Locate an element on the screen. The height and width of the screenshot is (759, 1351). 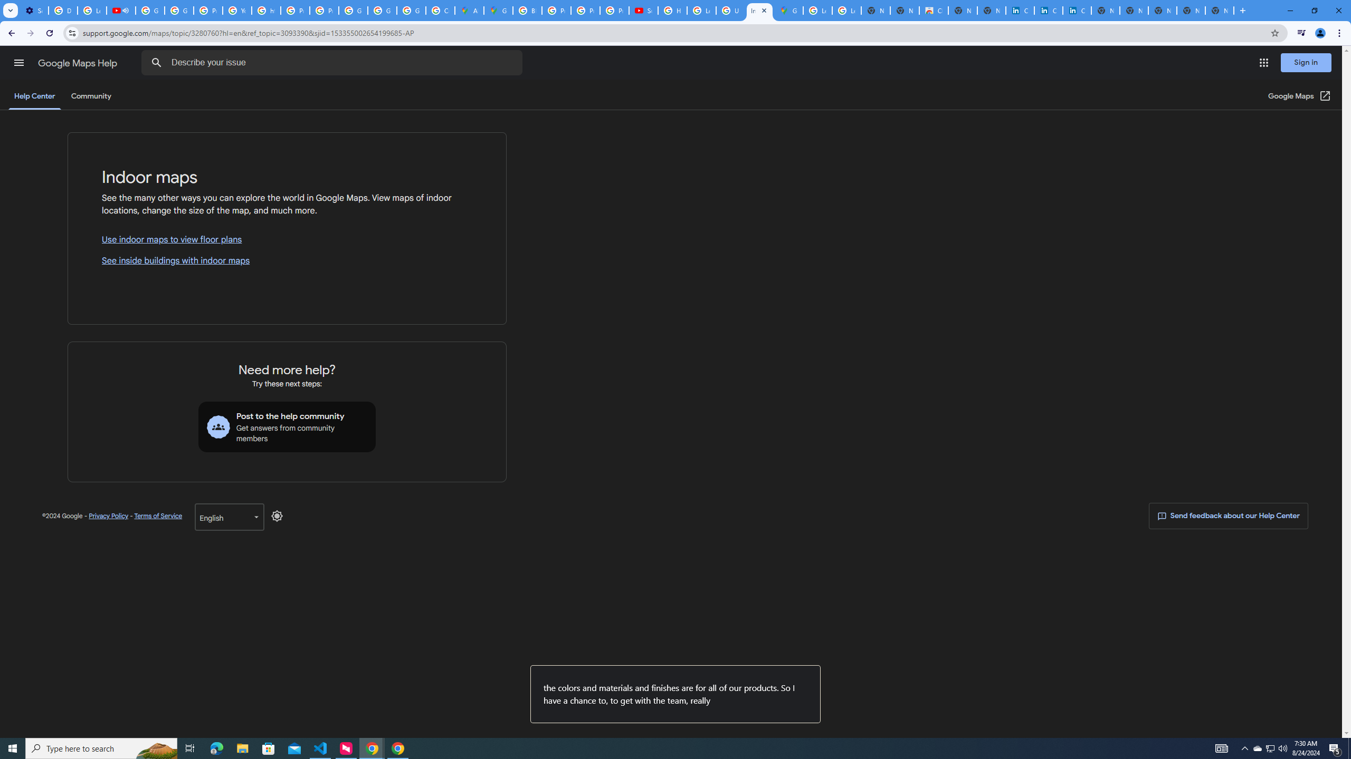
'Disable Dark Mode' is located at coordinates (277, 515).